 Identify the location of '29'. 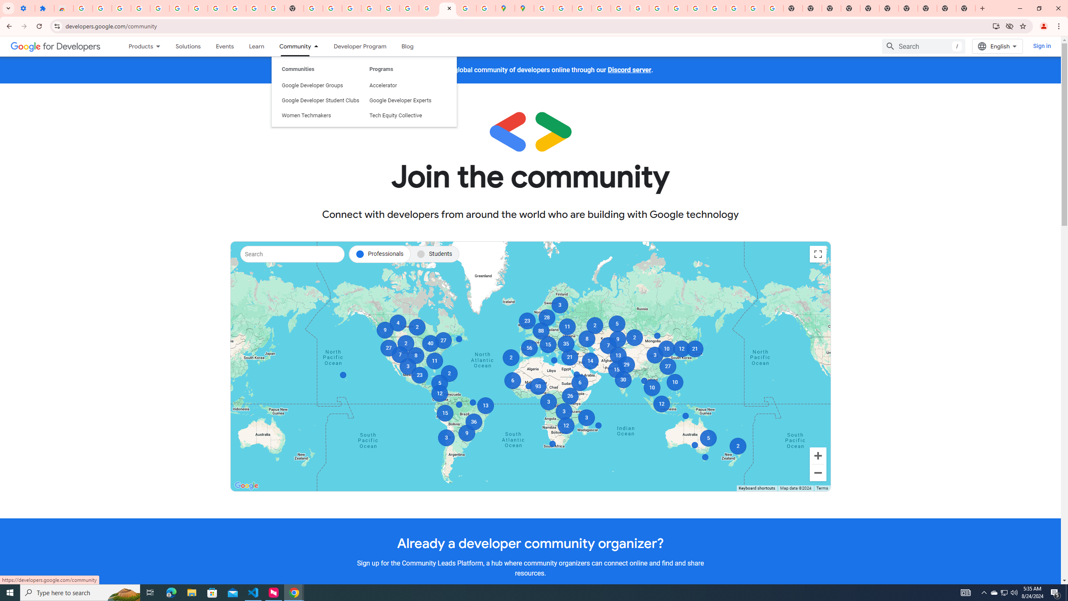
(626, 364).